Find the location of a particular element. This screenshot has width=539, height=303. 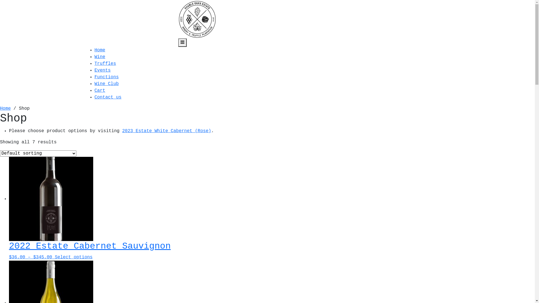

'Cart' is located at coordinates (100, 90).